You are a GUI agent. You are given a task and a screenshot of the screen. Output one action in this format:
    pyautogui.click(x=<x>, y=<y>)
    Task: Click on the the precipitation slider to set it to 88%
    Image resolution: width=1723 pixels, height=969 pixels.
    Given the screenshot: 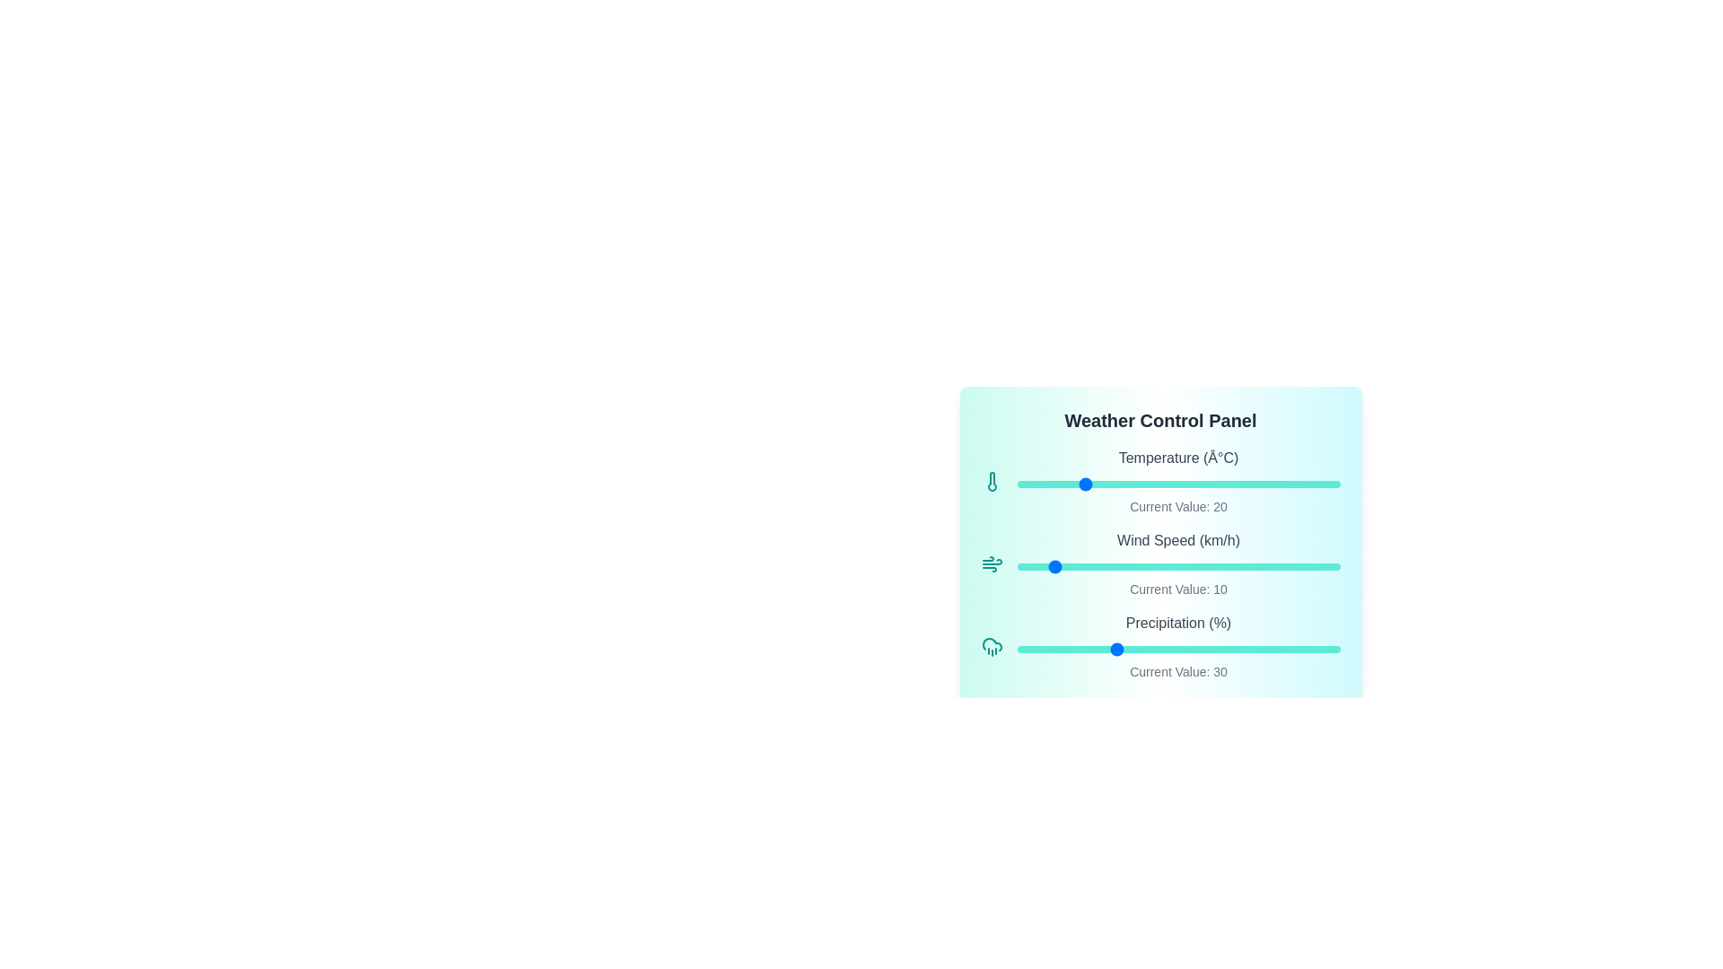 What is the action you would take?
    pyautogui.click(x=1301, y=650)
    